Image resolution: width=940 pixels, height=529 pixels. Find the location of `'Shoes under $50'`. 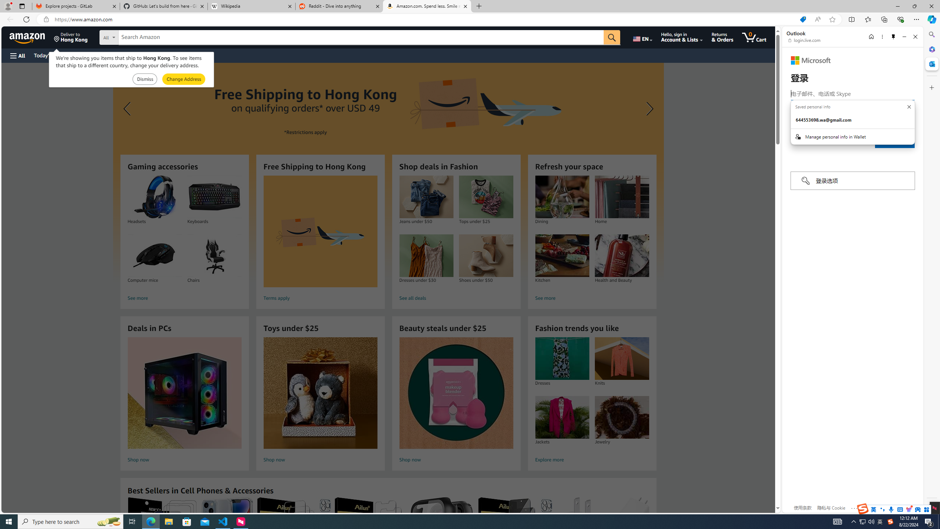

'Shoes under $50' is located at coordinates (486, 256).